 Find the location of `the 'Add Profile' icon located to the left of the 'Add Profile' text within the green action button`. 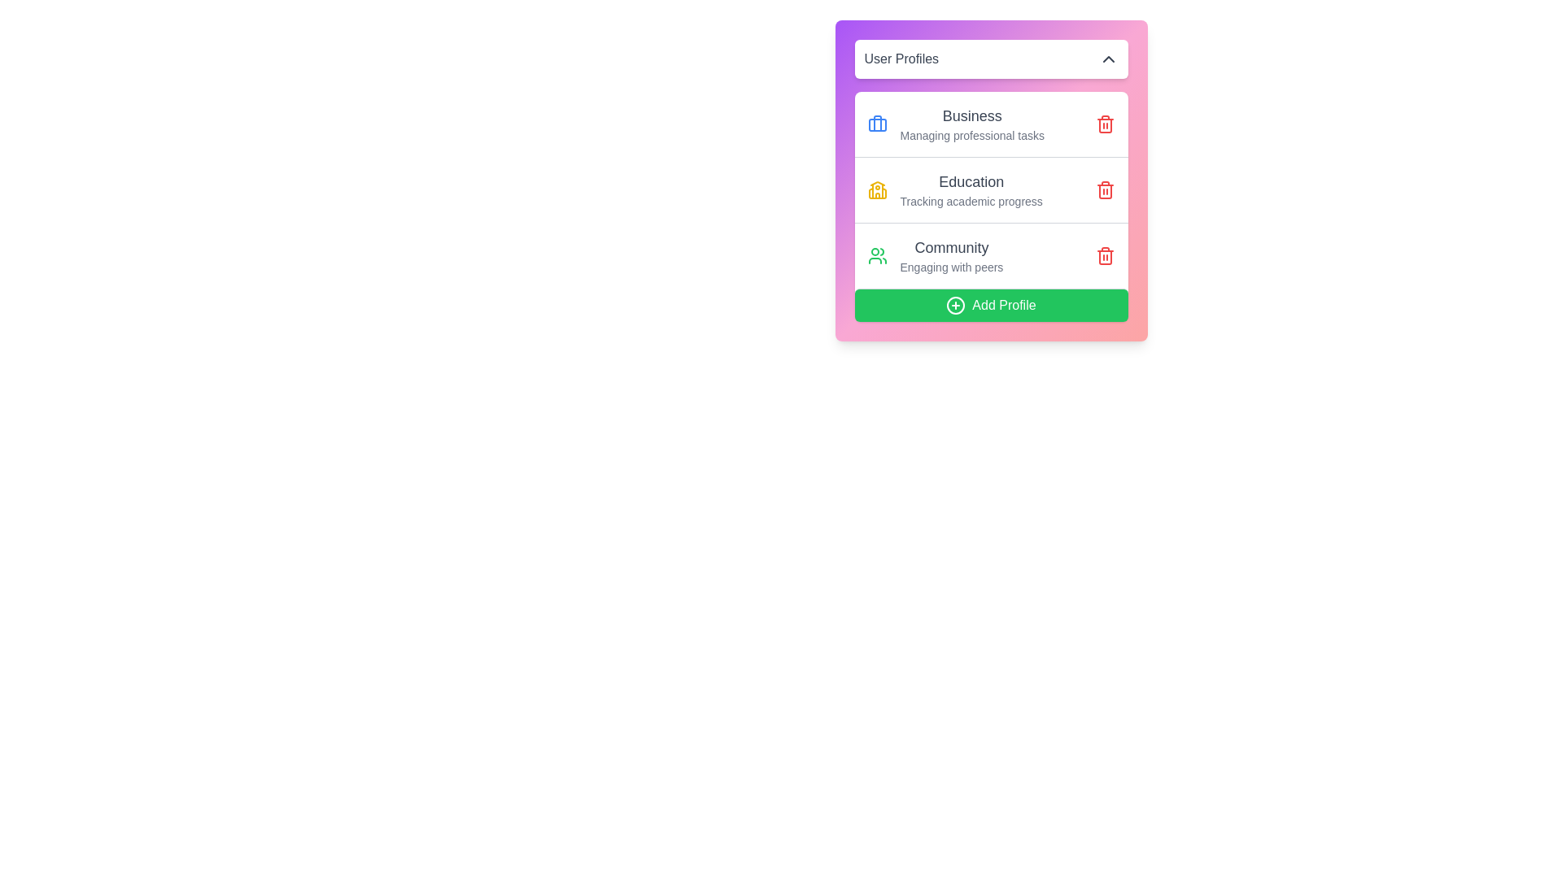

the 'Add Profile' icon located to the left of the 'Add Profile' text within the green action button is located at coordinates (956, 305).